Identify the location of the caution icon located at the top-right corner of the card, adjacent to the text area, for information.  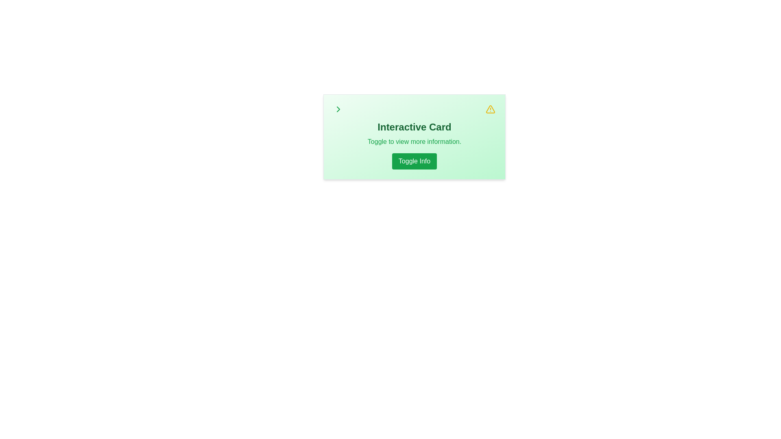
(490, 109).